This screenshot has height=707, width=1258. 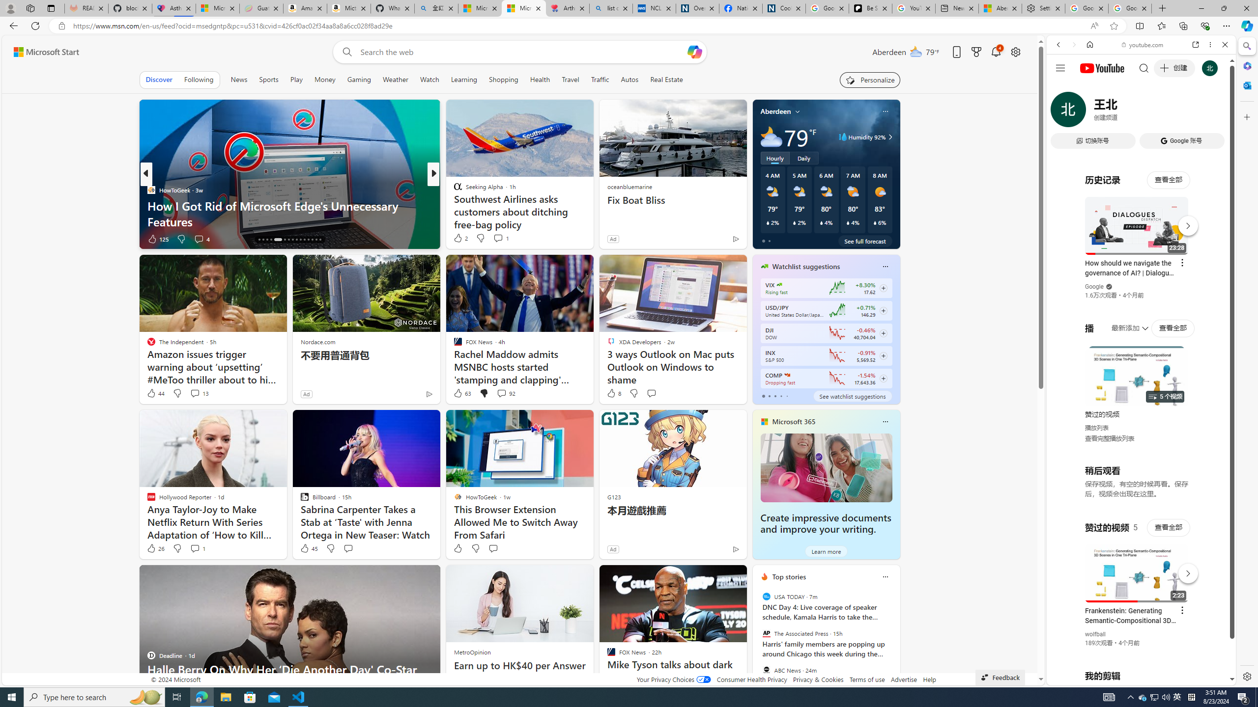 What do you see at coordinates (311, 239) in the screenshot?
I see `'AutomationID: tab-28'` at bounding box center [311, 239].